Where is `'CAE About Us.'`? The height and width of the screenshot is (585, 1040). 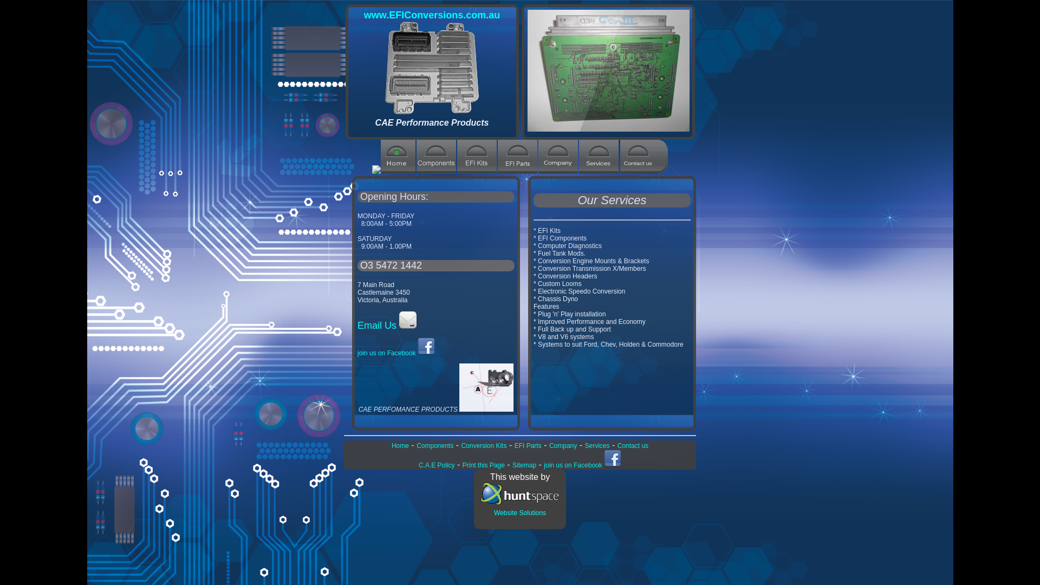
'CAE About Us.' is located at coordinates (558, 171).